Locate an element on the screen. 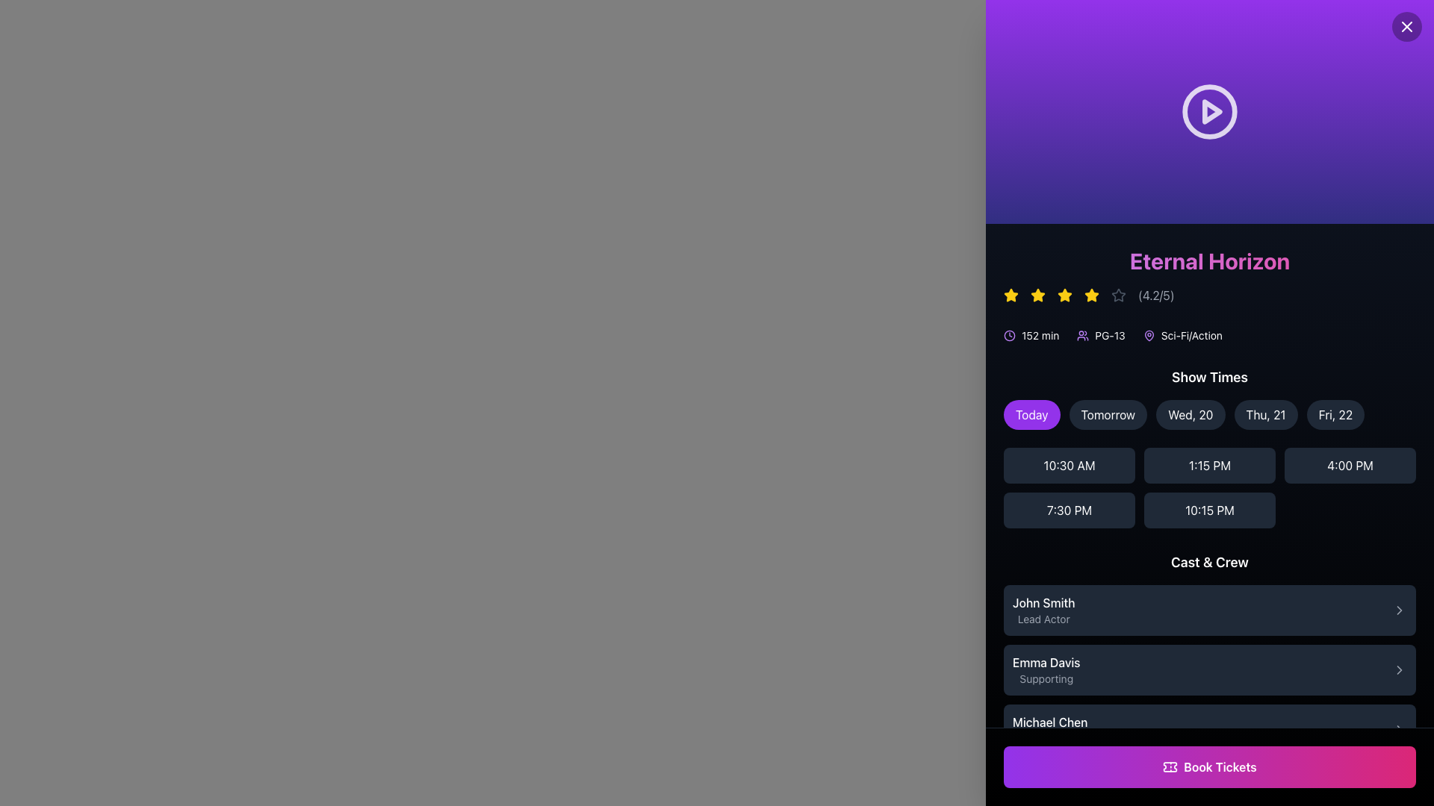 Image resolution: width=1434 pixels, height=806 pixels. the small text component displaying the word 'Supporting', which is a supporting label for 'Emma Davis' located in the 'Cast & Crew' section is located at coordinates (1046, 679).